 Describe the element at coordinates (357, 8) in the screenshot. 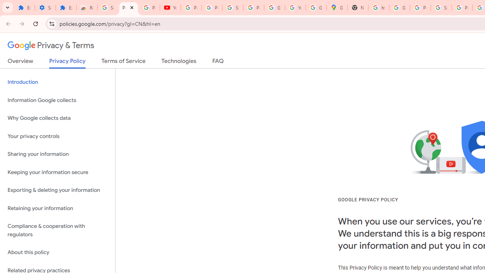

I see `'New Tab'` at that location.